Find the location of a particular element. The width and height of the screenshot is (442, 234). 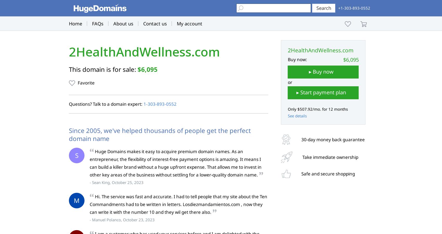

'- Manuel Polanco, October 23, 2023' is located at coordinates (122, 220).